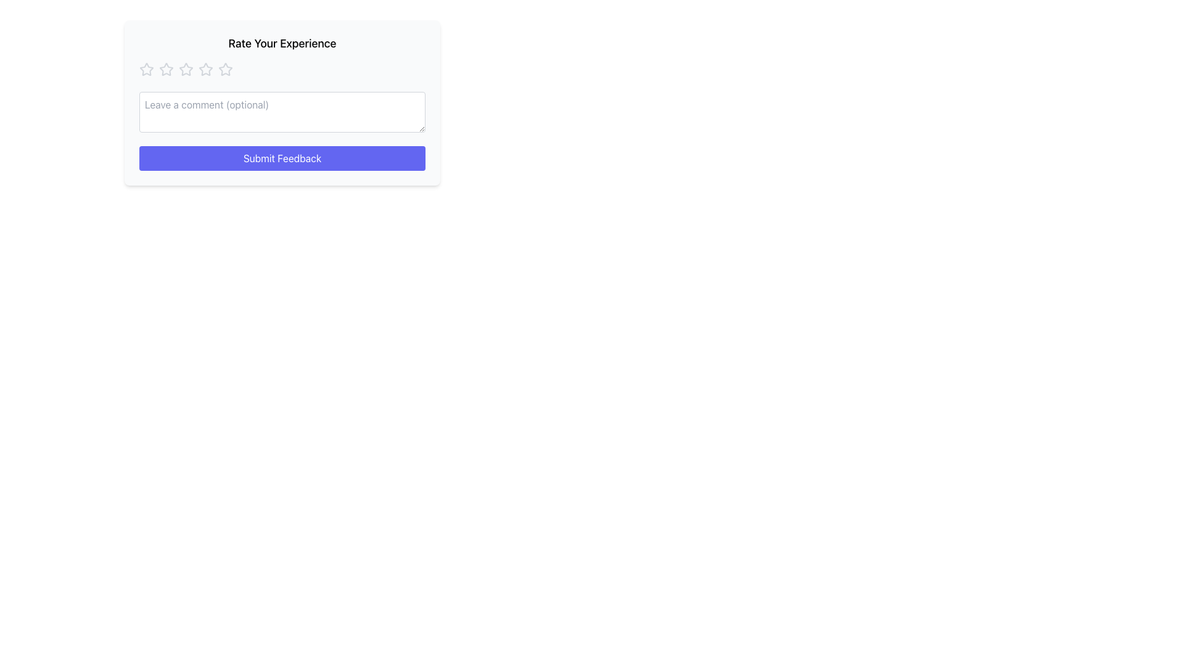 The width and height of the screenshot is (1184, 666). I want to click on the first star icon, which is styled with a gray outline and intended to change its color to yellow when hovered over, to rate it, so click(147, 69).